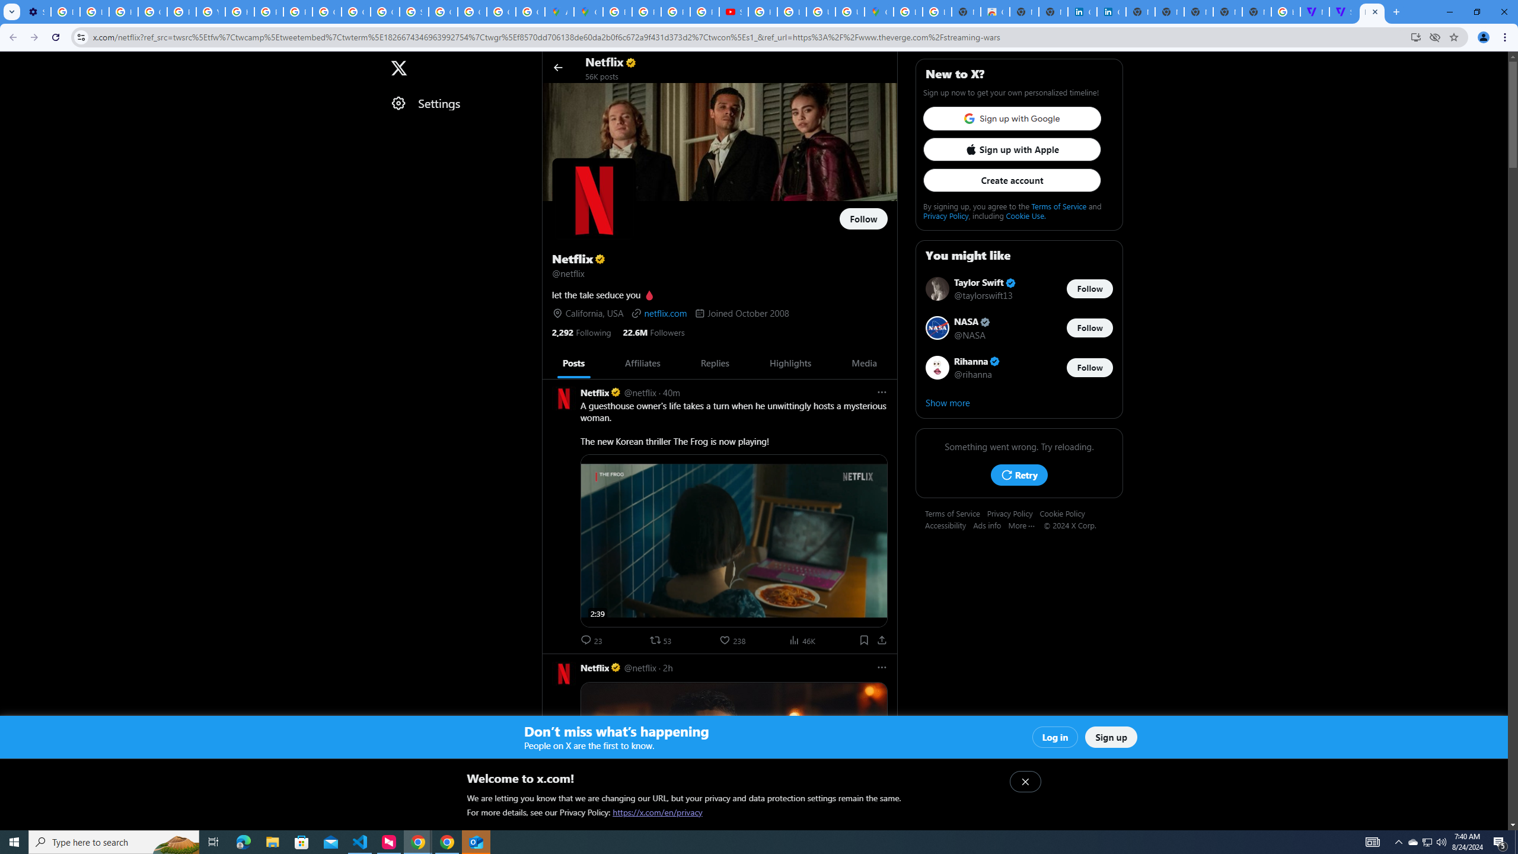  I want to click on 'Google Account Help', so click(152, 11).